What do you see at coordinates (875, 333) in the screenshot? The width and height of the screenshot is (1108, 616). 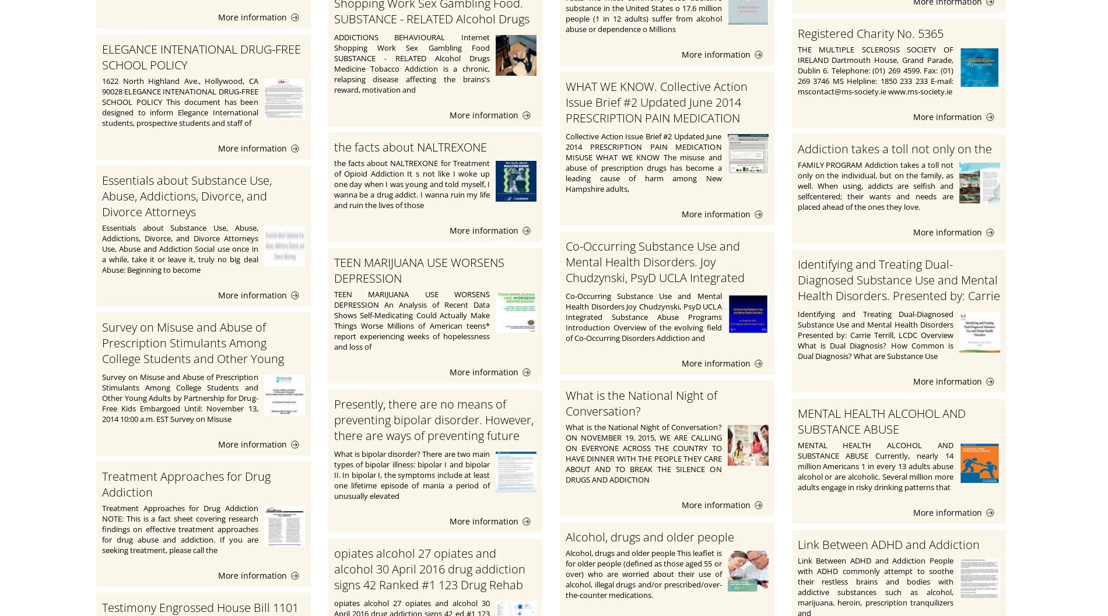 I see `'Identifying and Treating Dual-Diagnosed Substance Use and Mental Health Disorders Presented by: Carrie Terrill, LCDC Overview What is Dual Diagnosis? How Common is Dual Diagnosis? What are Substance Use'` at bounding box center [875, 333].